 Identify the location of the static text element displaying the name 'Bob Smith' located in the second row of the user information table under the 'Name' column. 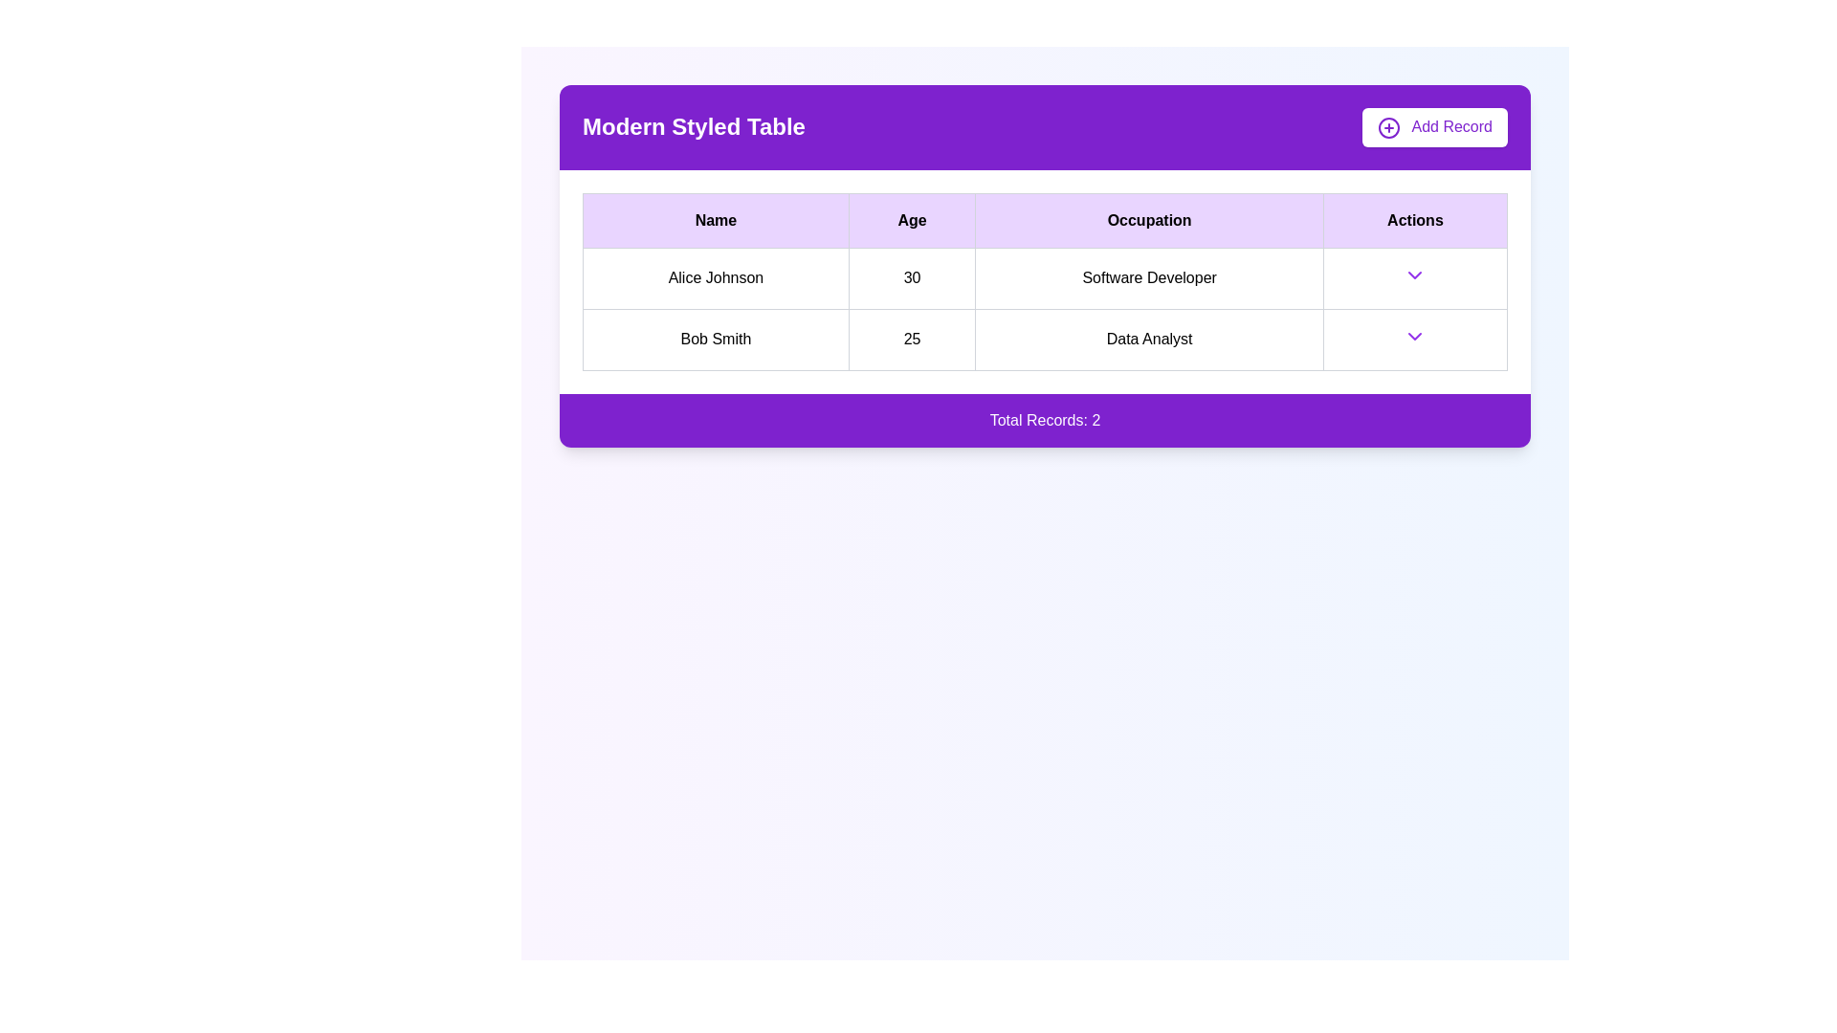
(715, 339).